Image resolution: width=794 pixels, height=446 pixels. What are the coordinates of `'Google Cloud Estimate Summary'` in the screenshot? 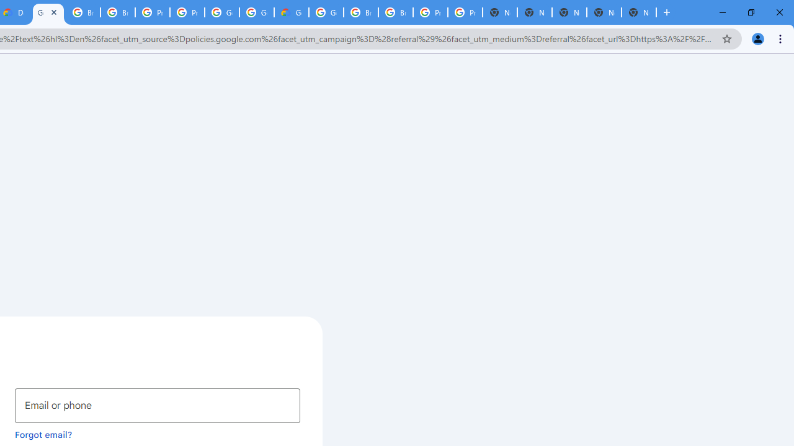 It's located at (290, 12).